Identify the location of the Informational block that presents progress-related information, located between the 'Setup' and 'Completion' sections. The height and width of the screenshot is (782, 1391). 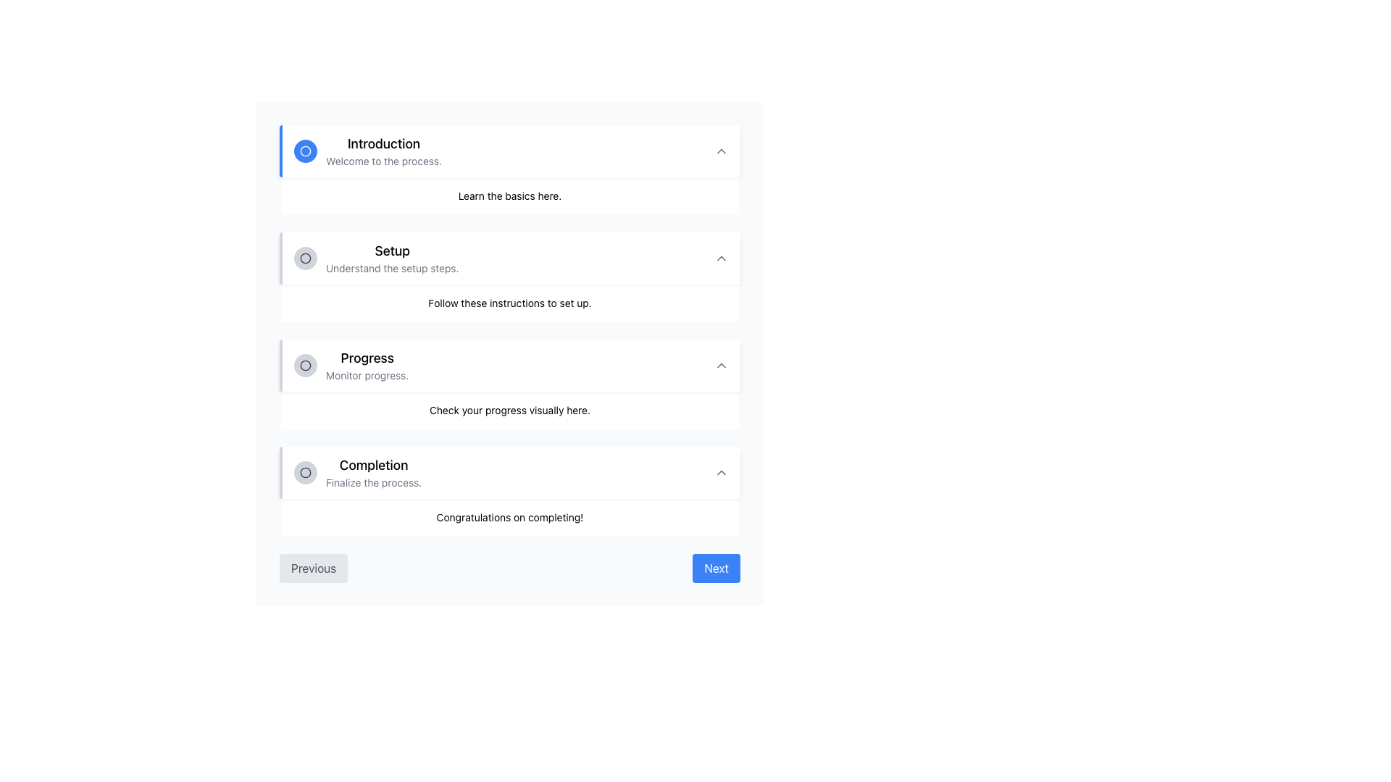
(510, 384).